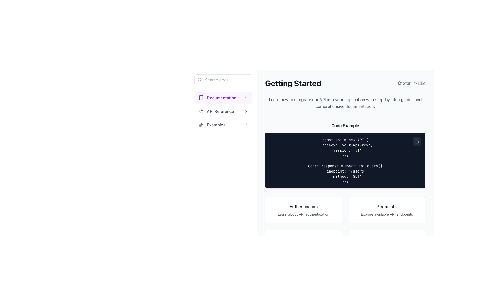 The height and width of the screenshot is (281, 499). What do you see at coordinates (223, 80) in the screenshot?
I see `the Search input box located at the top of the sidebar, which has a thin border and contains the placeholder text 'Search docs...'` at bounding box center [223, 80].